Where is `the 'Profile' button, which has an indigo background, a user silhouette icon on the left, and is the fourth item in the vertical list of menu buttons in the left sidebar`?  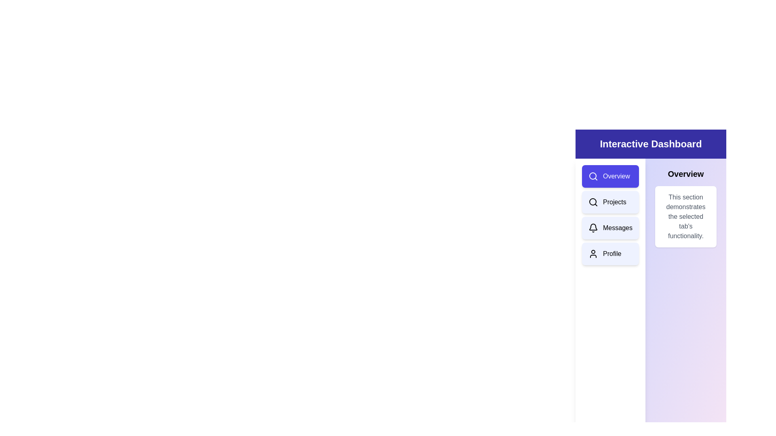
the 'Profile' button, which has an indigo background, a user silhouette icon on the left, and is the fourth item in the vertical list of menu buttons in the left sidebar is located at coordinates (610, 253).